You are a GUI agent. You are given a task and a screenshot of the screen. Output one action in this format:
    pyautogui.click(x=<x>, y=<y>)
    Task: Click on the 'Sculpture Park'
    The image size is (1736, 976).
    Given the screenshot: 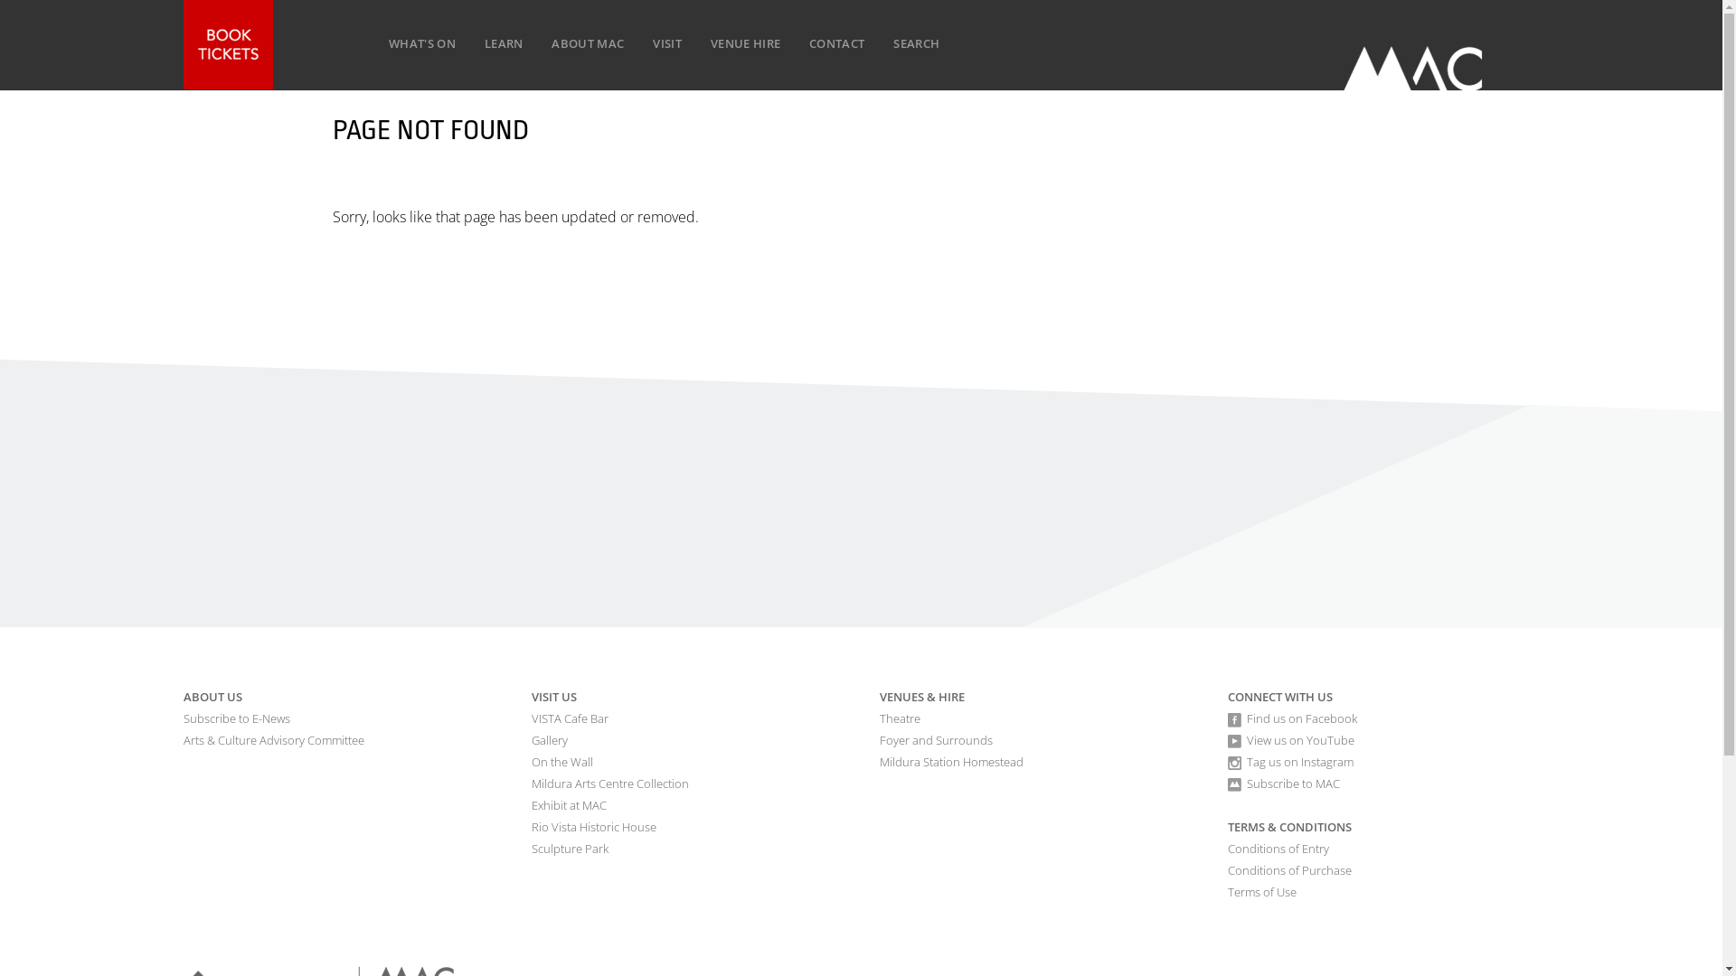 What is the action you would take?
    pyautogui.click(x=569, y=848)
    